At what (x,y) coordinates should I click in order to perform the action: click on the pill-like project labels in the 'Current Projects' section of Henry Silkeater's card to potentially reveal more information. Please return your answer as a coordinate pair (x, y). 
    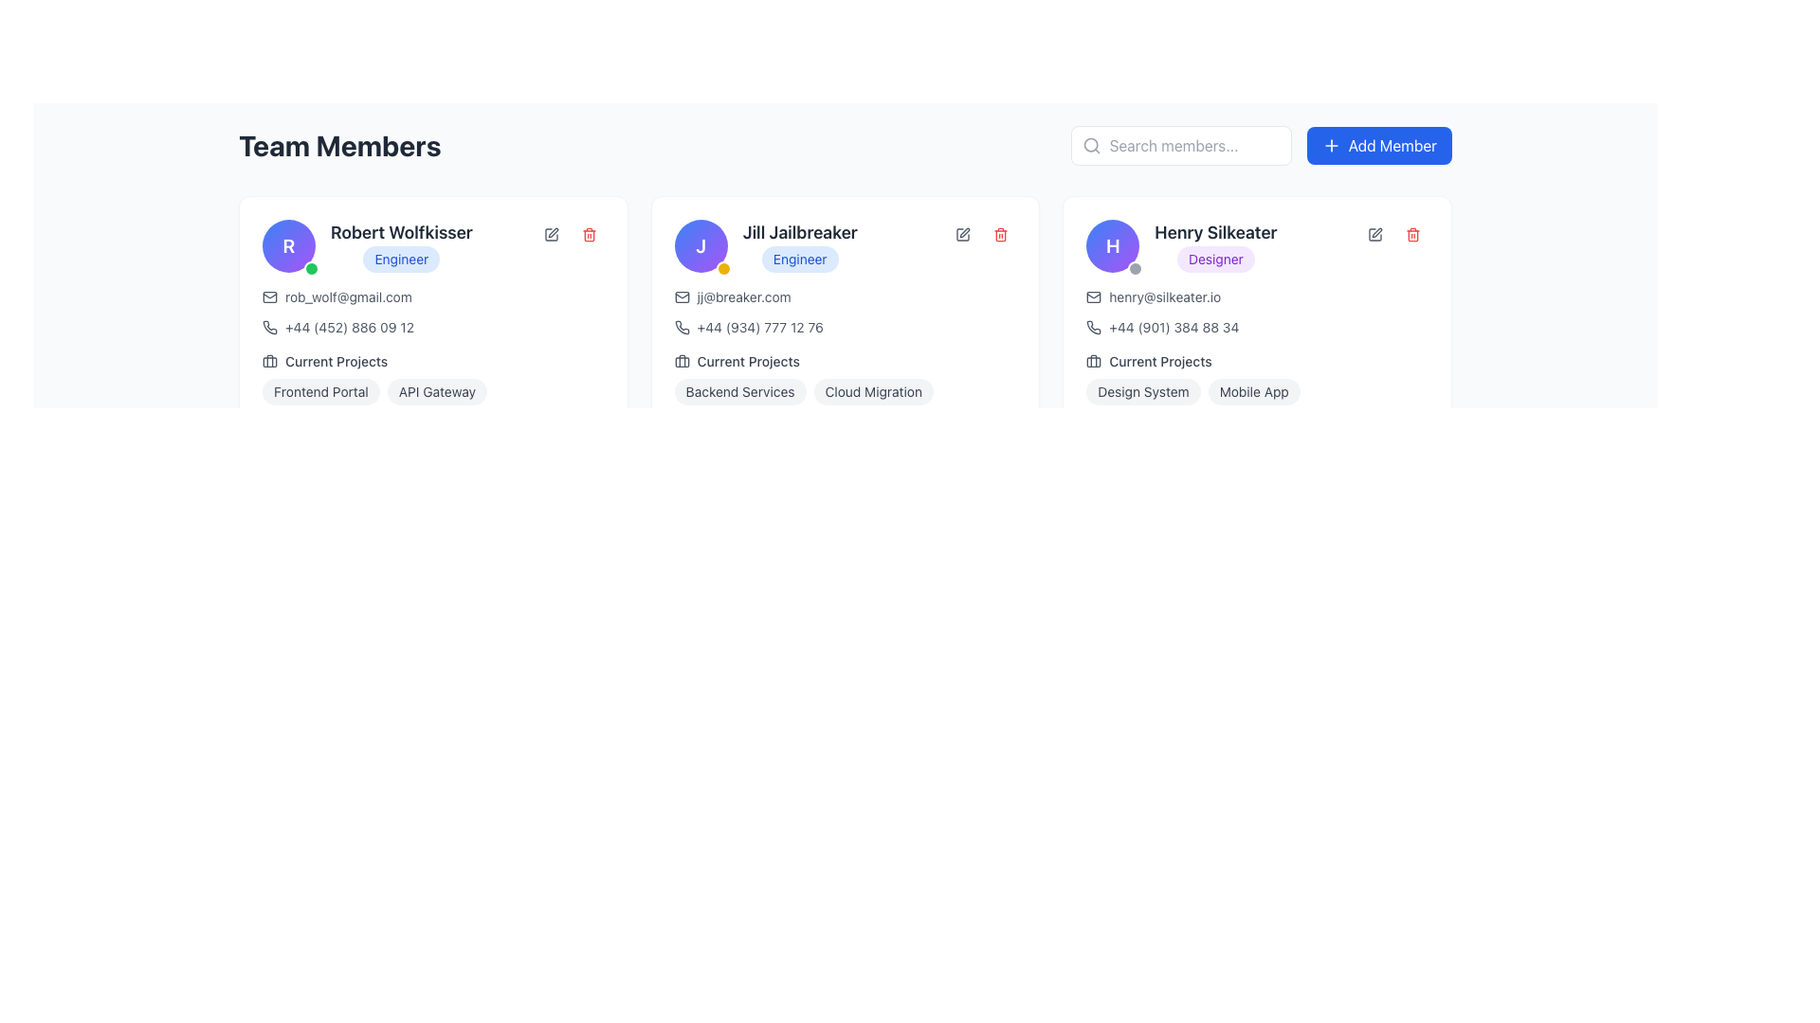
    Looking at the image, I should click on (1257, 390).